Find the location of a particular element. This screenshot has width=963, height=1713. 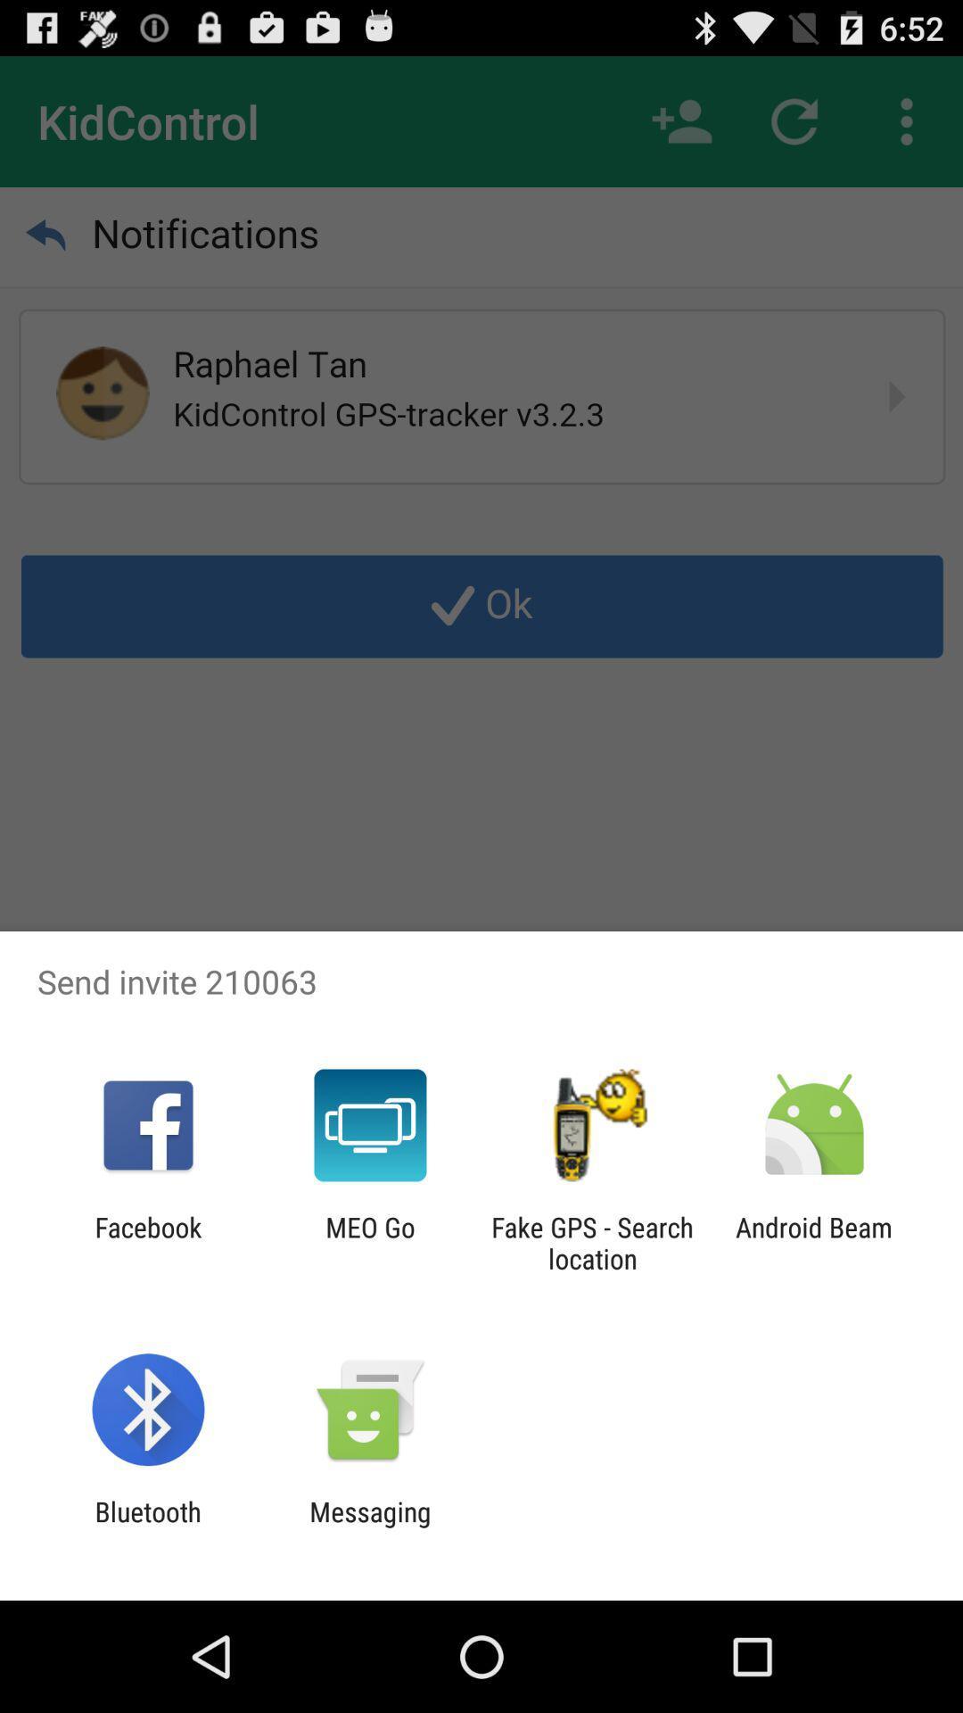

app next to the meo go app is located at coordinates (147, 1242).